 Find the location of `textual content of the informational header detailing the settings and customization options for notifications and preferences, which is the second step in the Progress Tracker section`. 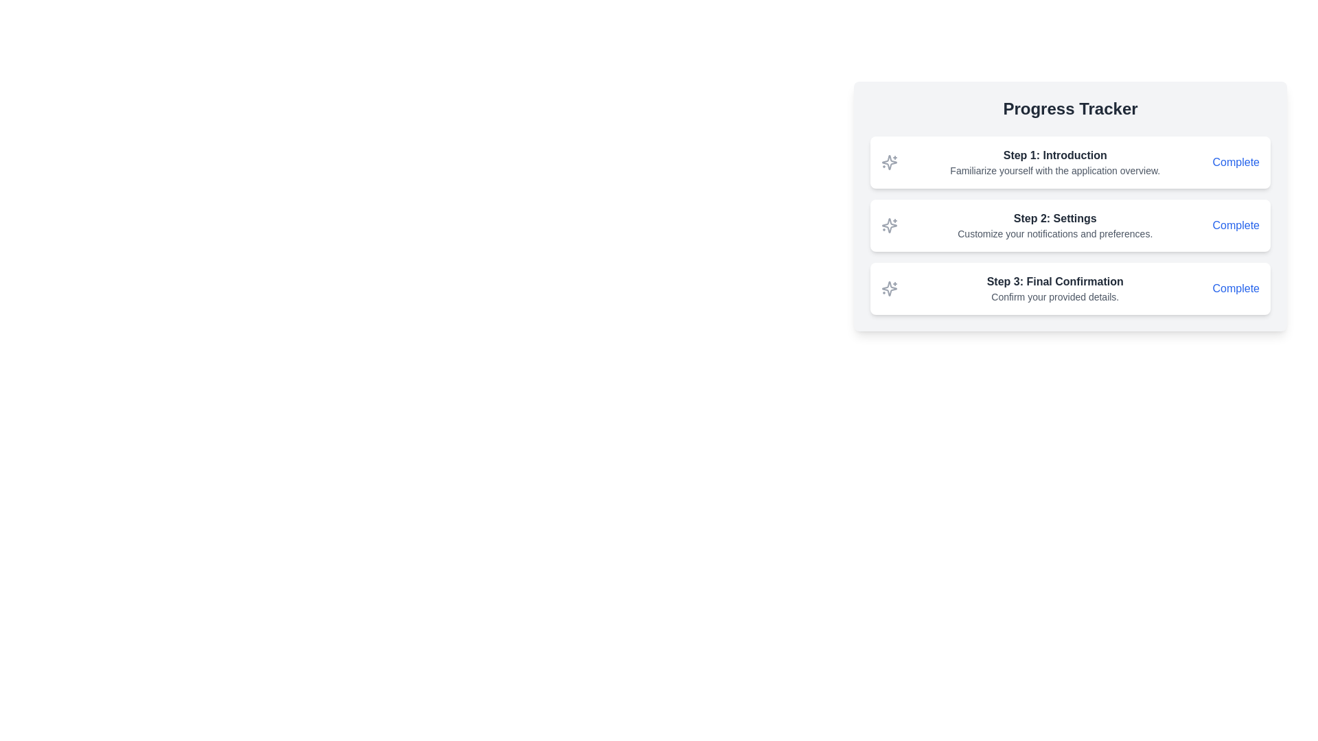

textual content of the informational header detailing the settings and customization options for notifications and preferences, which is the second step in the Progress Tracker section is located at coordinates (1054, 224).